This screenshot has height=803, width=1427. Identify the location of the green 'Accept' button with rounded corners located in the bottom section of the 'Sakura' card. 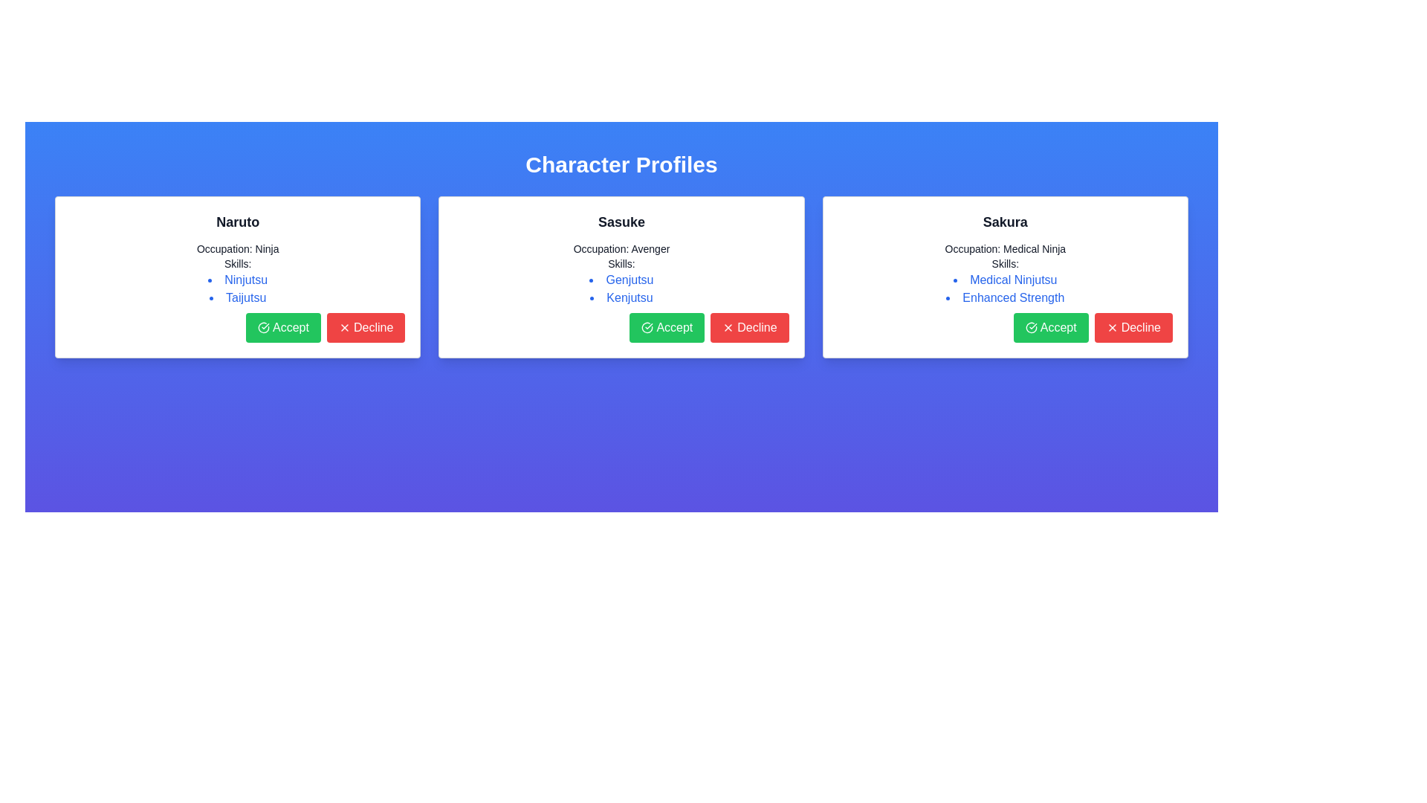
(1050, 326).